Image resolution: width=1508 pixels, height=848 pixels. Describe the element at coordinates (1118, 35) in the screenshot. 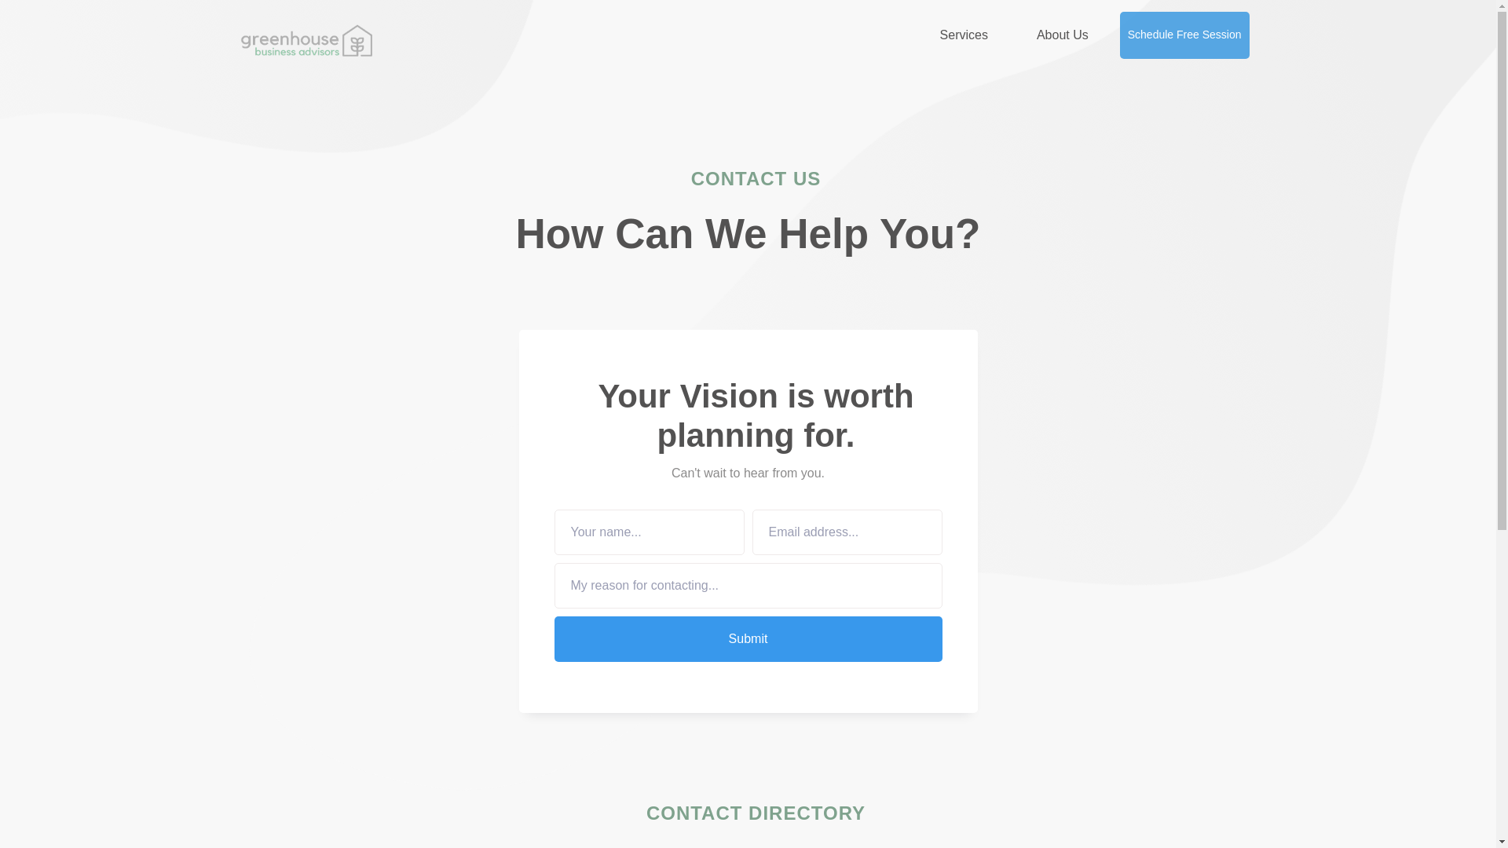

I see `'Schedule Free Session'` at that location.